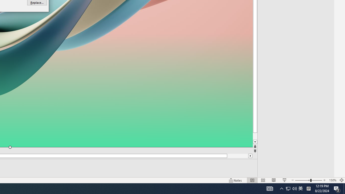 This screenshot has height=194, width=345. What do you see at coordinates (332, 180) in the screenshot?
I see `'Zoom 150%'` at bounding box center [332, 180].